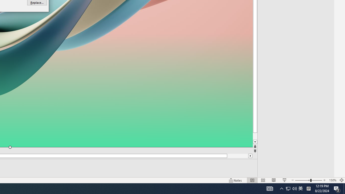 This screenshot has height=194, width=345. What do you see at coordinates (332, 180) in the screenshot?
I see `'Zoom 150%'` at bounding box center [332, 180].